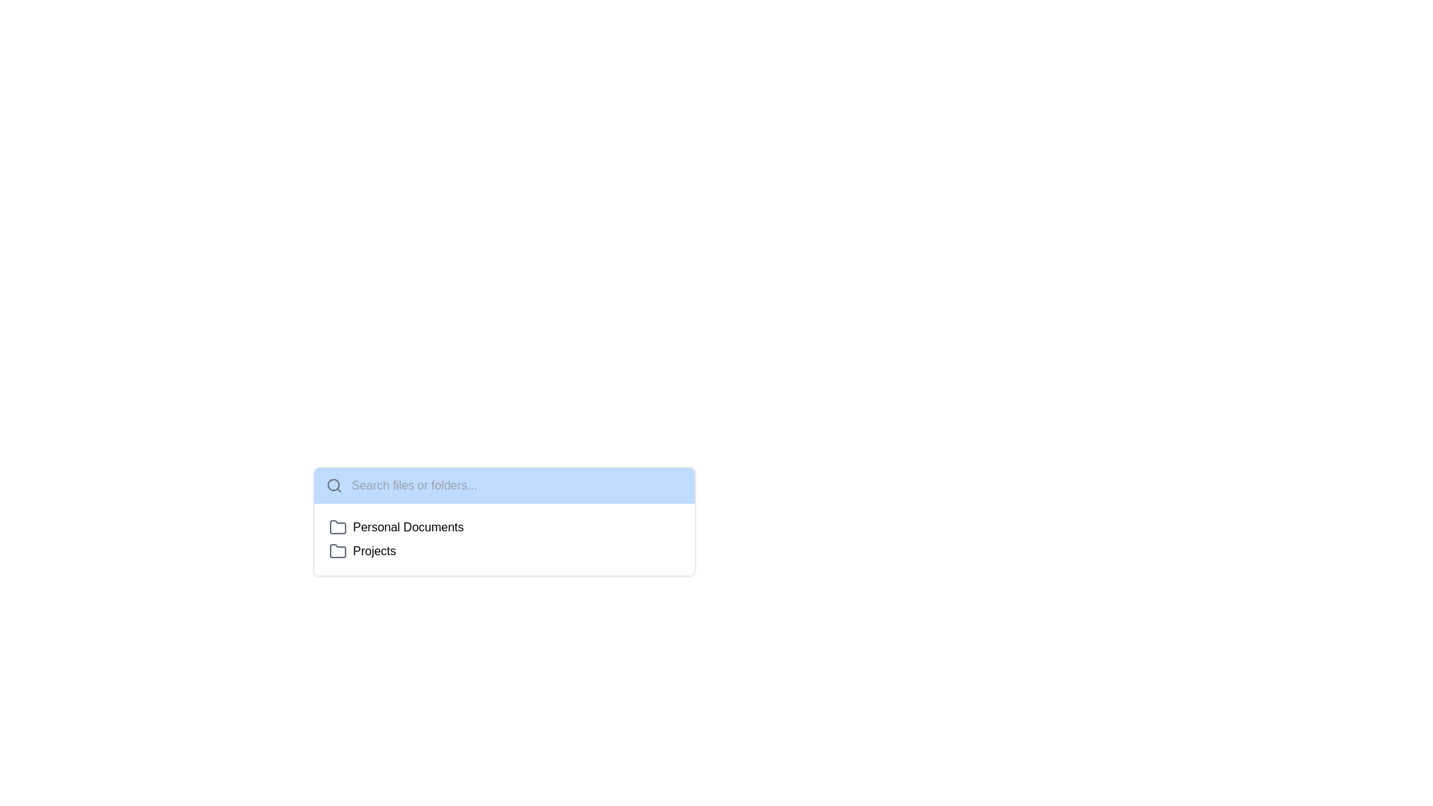 The width and height of the screenshot is (1433, 806). Describe the element at coordinates (408, 526) in the screenshot. I see `the text label 'Personal Documents', which is styled with a standard sans-serif font and is part of a file navigation panel, located beneath a search bar and above the 'Projects' item` at that location.